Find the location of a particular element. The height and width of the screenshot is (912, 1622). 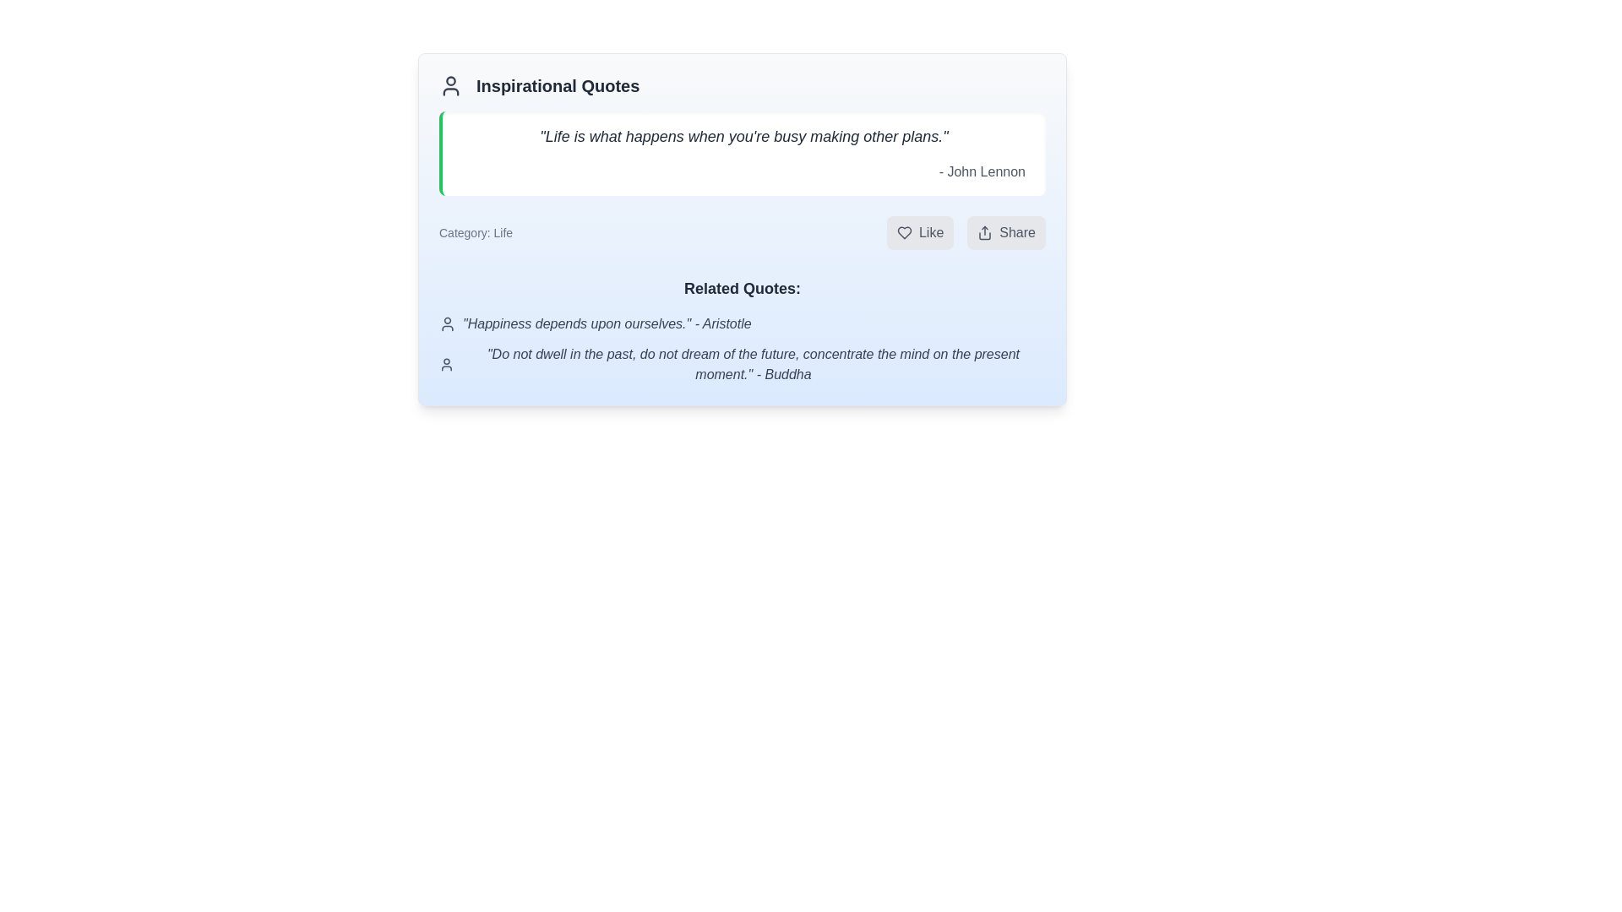

the second quote text label in the 'Related Quotes' section that displays the quote from Buddha, located directly below the quotation from Aristotle is located at coordinates (753, 364).